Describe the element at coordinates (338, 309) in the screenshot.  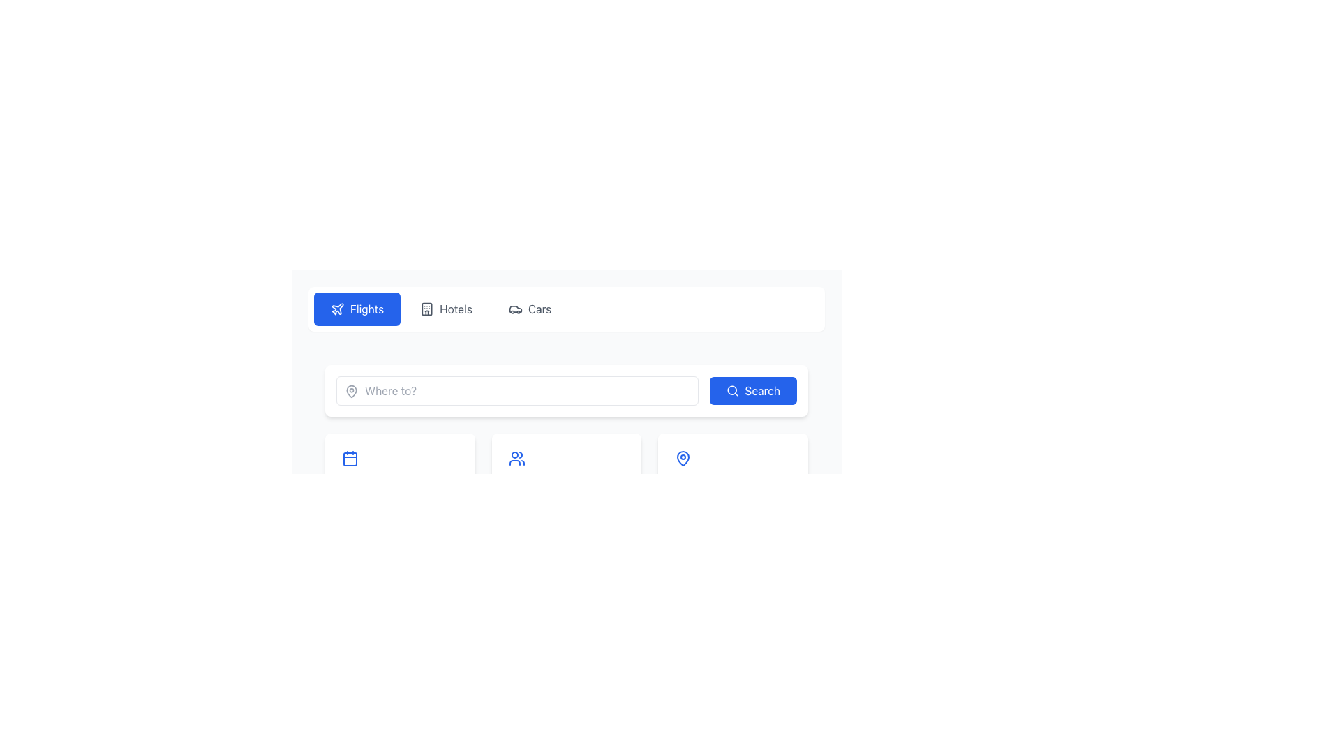
I see `the airplane icon located within the 'Flights' button, which is positioned near the top-left corner of the interface` at that location.